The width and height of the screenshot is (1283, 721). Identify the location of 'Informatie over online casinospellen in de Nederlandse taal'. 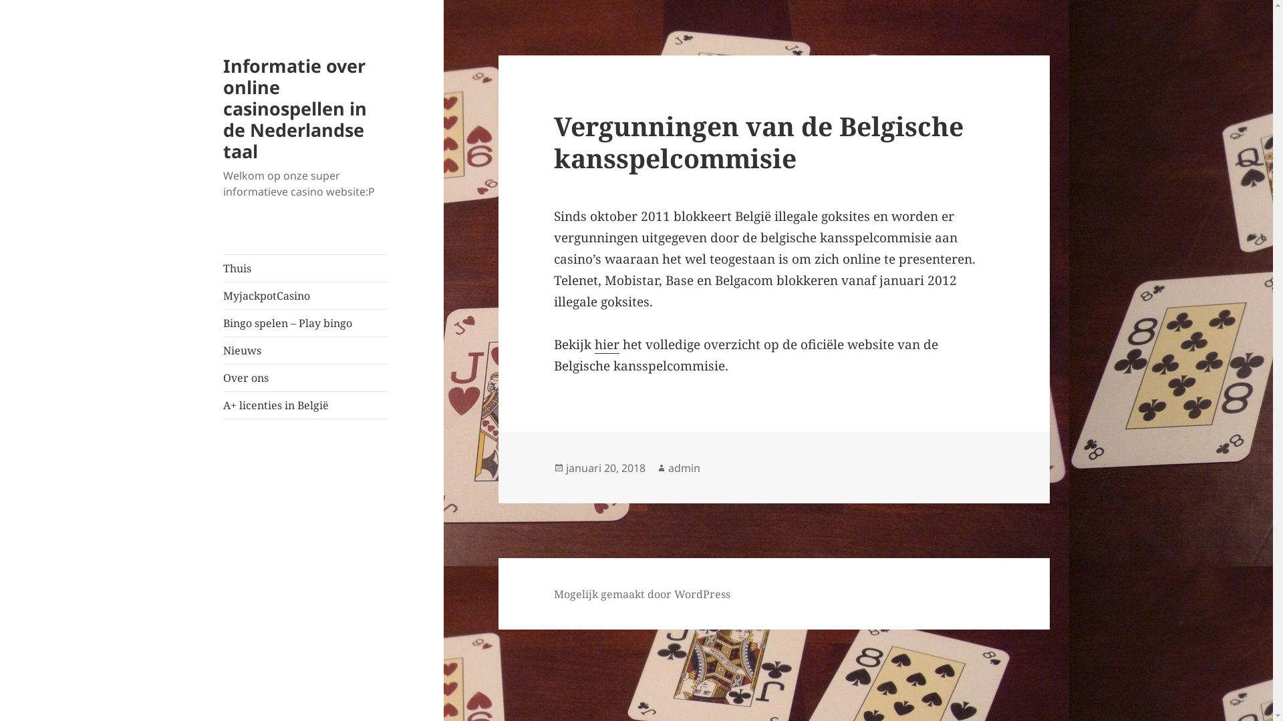
(294, 107).